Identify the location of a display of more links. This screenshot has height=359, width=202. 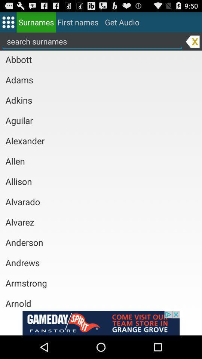
(8, 22).